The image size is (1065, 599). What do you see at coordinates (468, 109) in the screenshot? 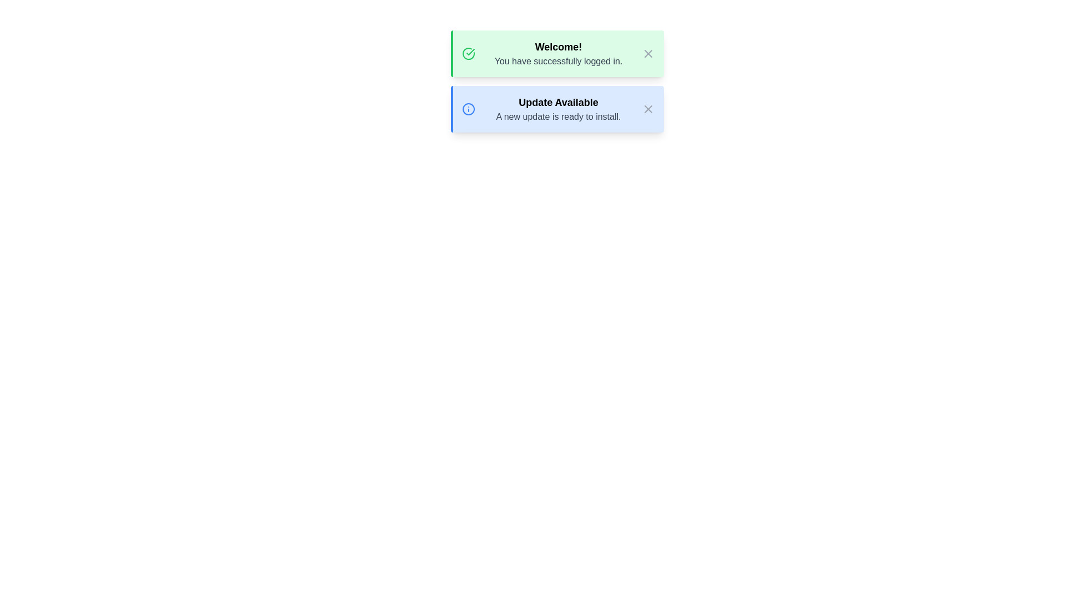
I see `the informational message icon located to the left of the 'Update Available' message, within a blue background section` at bounding box center [468, 109].